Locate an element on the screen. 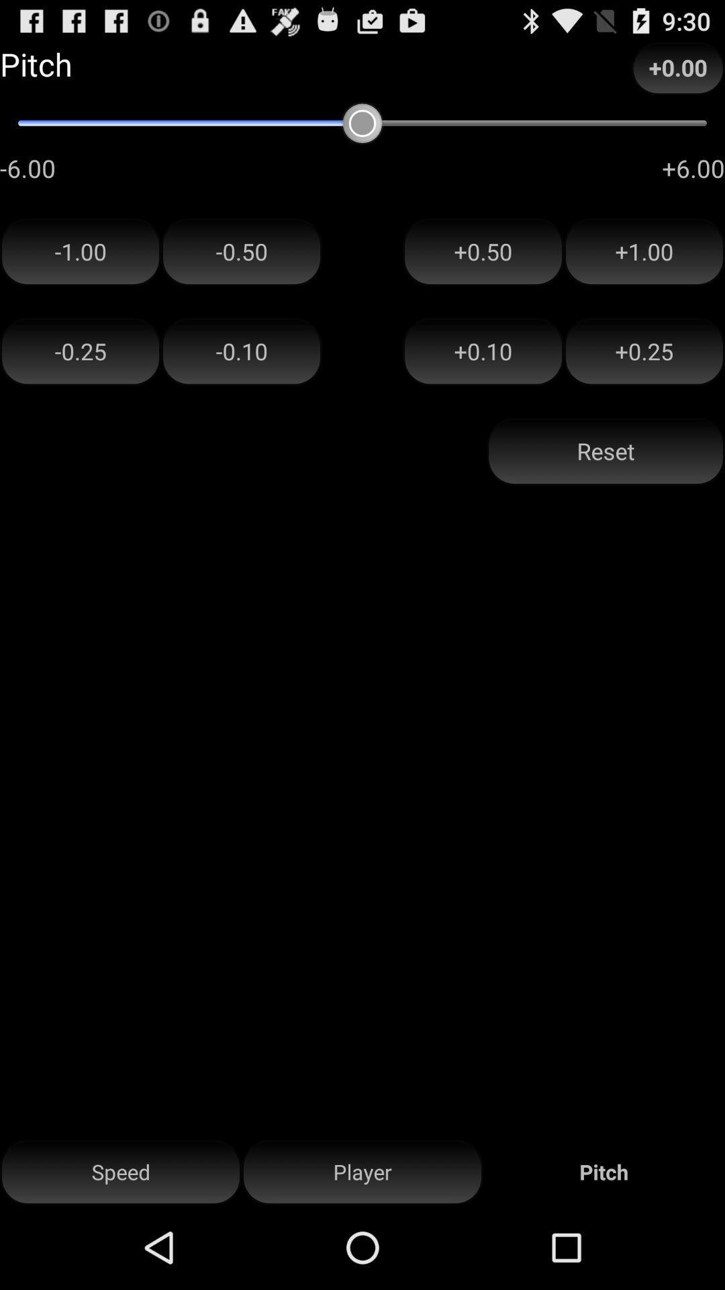 The image size is (725, 1290). app to the left of the pitch app is located at coordinates (362, 1172).